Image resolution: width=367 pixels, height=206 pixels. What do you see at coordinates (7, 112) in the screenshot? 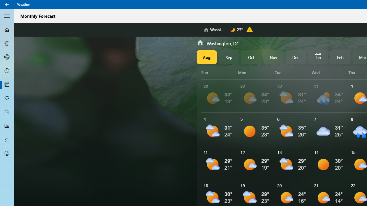
I see `'Life - Not Selected'` at bounding box center [7, 112].